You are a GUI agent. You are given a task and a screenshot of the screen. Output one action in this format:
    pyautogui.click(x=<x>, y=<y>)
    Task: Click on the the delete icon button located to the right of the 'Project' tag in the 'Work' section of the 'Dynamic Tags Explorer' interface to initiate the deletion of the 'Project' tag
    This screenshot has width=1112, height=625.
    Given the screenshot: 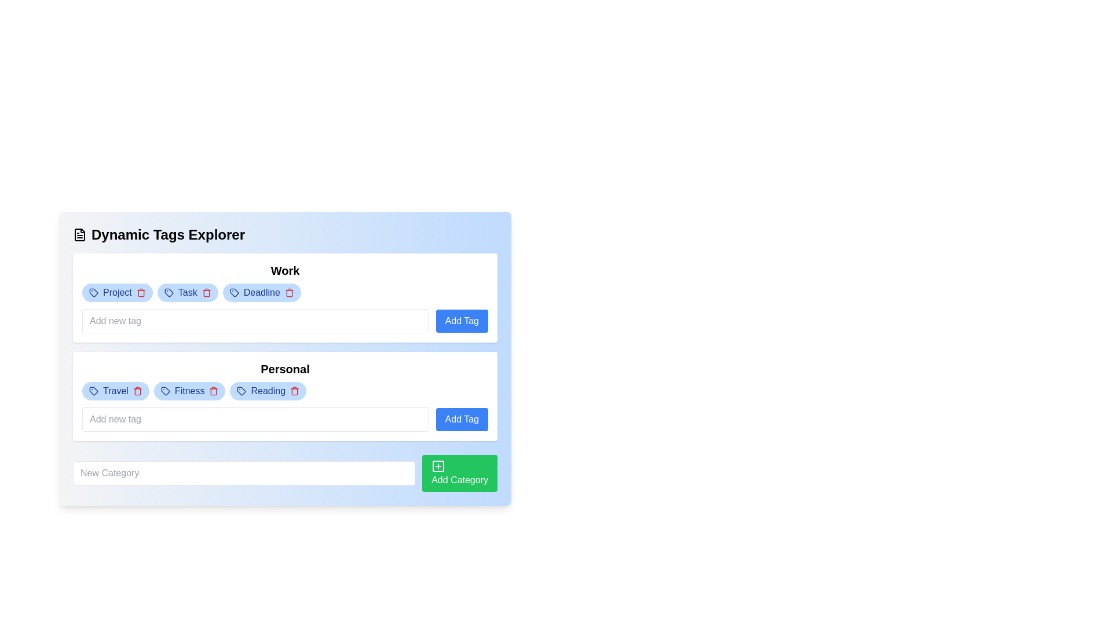 What is the action you would take?
    pyautogui.click(x=140, y=292)
    